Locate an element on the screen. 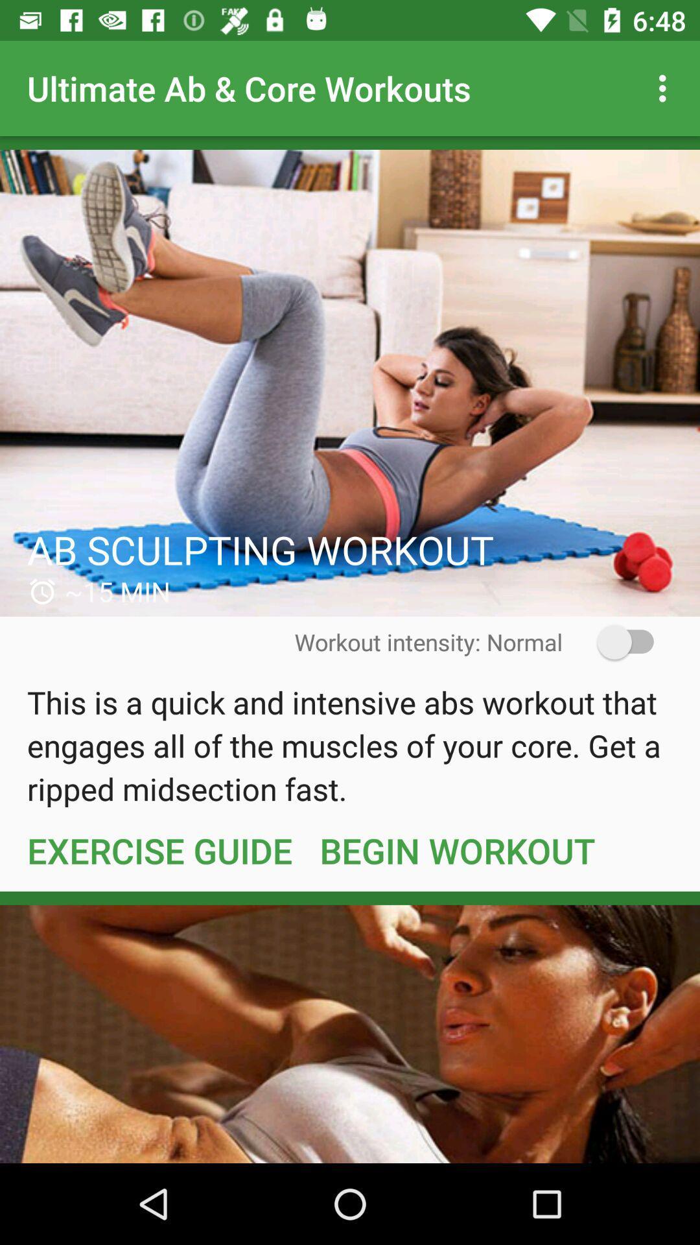 The image size is (700, 1245). item below the this is a is located at coordinates (457, 850).